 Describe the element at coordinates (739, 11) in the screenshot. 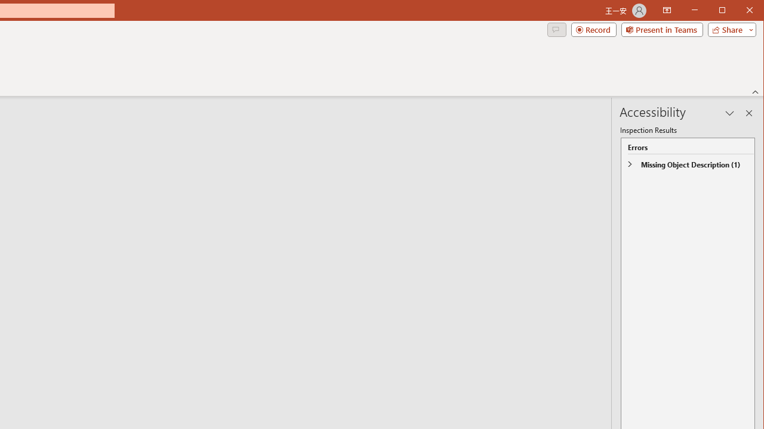

I see `'Maximize'` at that location.